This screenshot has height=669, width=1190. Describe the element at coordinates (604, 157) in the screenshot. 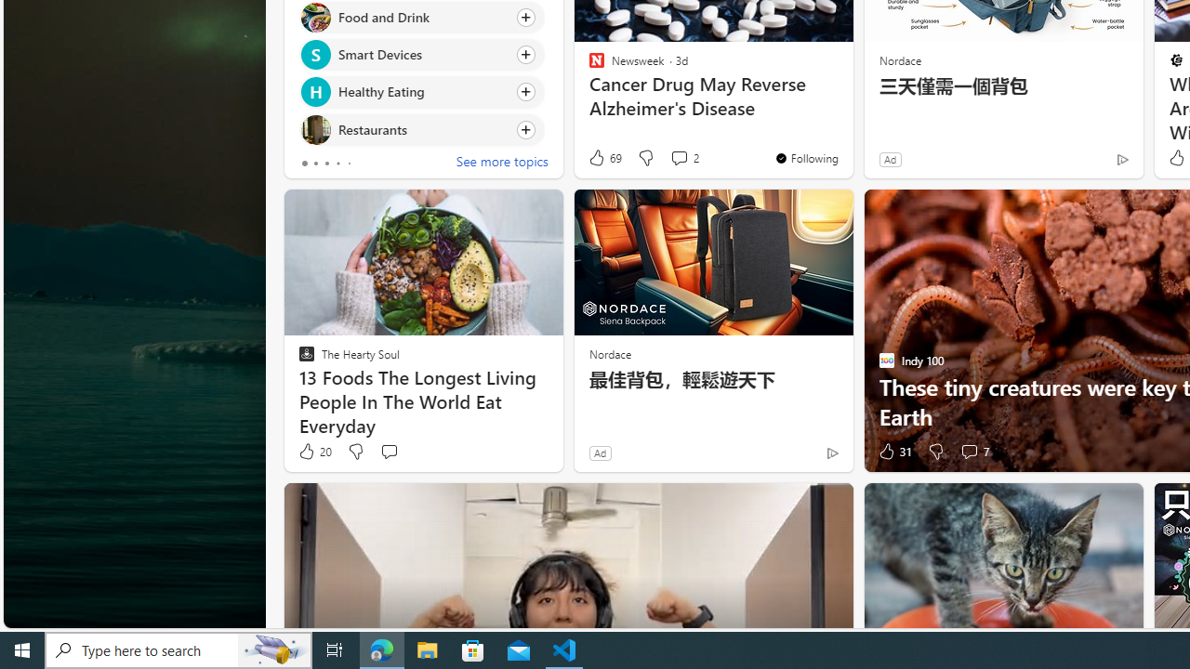

I see `'69 Like'` at that location.